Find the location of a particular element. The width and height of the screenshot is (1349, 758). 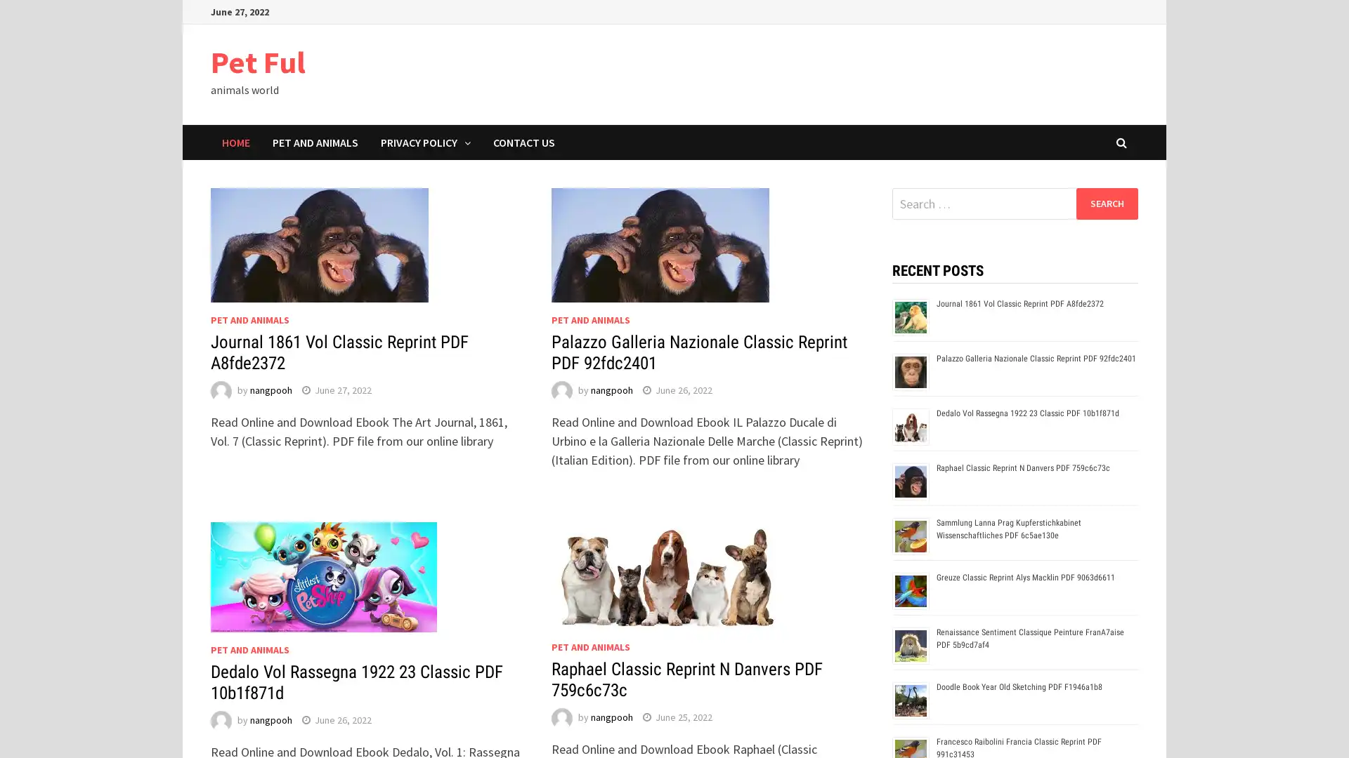

Search is located at coordinates (1106, 203).